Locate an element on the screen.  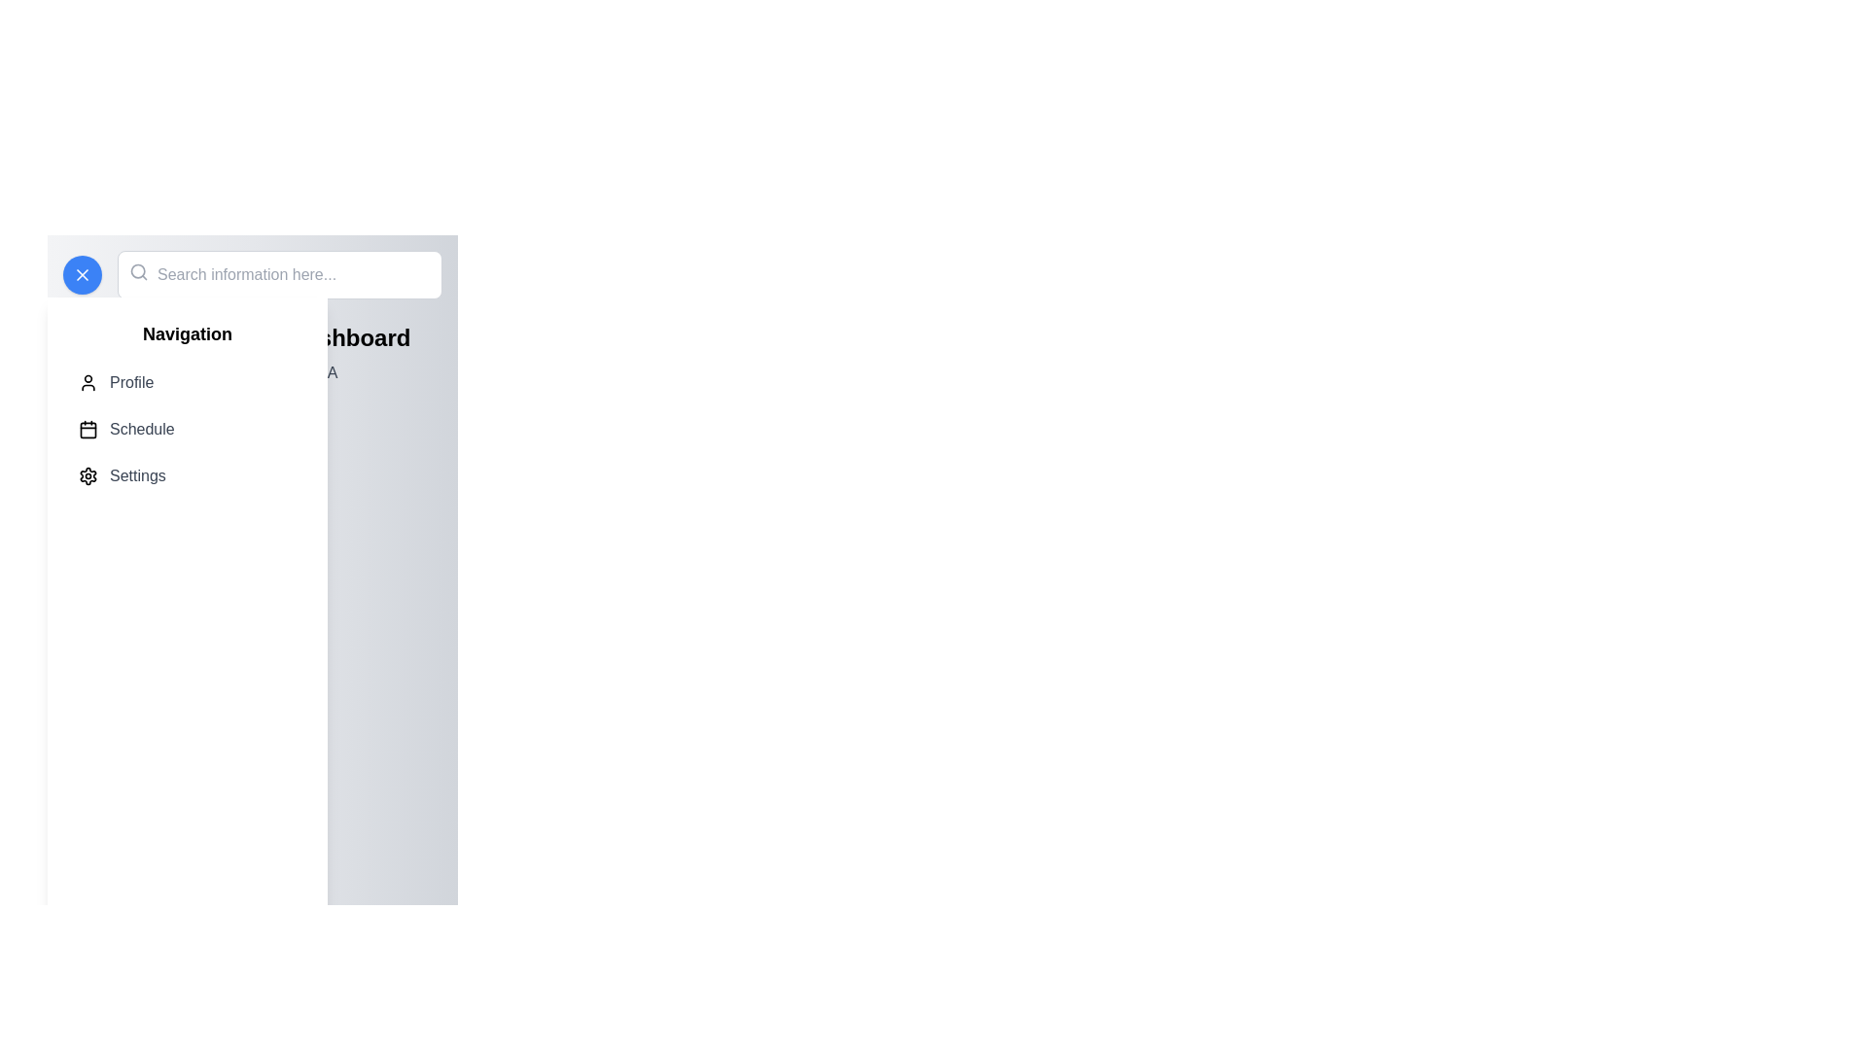
the first List item in the navigation menu that allows users to access the user's profile page is located at coordinates (187, 382).